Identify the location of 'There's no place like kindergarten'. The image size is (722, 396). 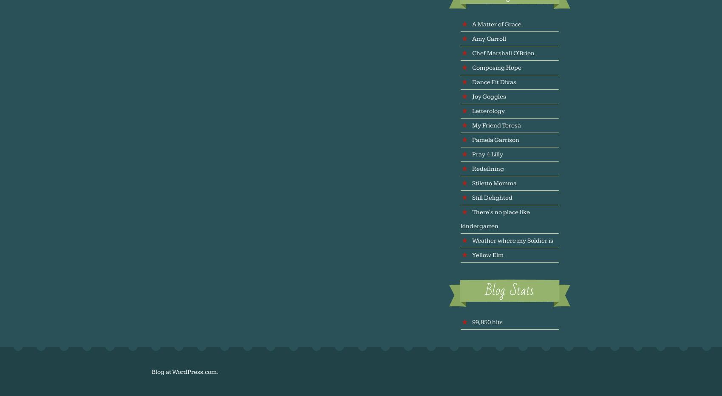
(495, 218).